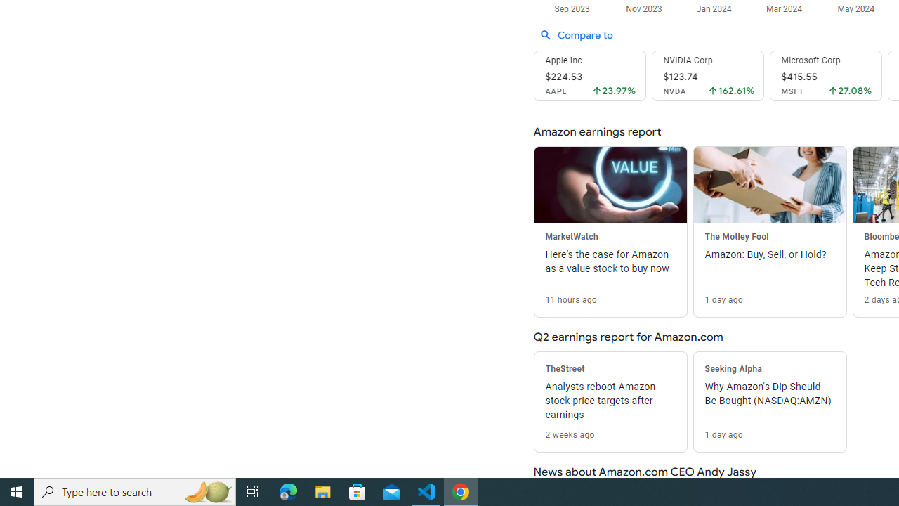  I want to click on 'The Motley Fool Amazon: Buy, Sell, or Hold? 1 day ago', so click(768, 231).